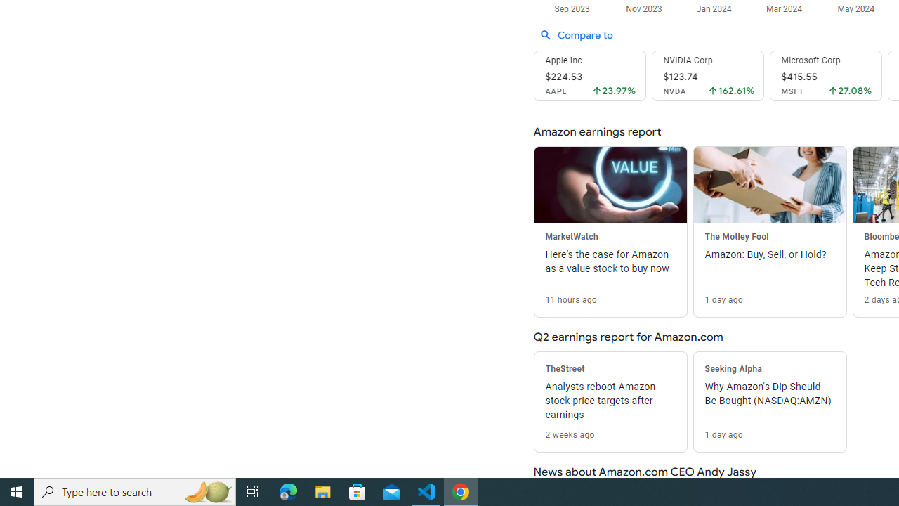  I want to click on 'The Motley Fool Amazon: Buy, Sell, or Hold? 1 day ago', so click(768, 231).